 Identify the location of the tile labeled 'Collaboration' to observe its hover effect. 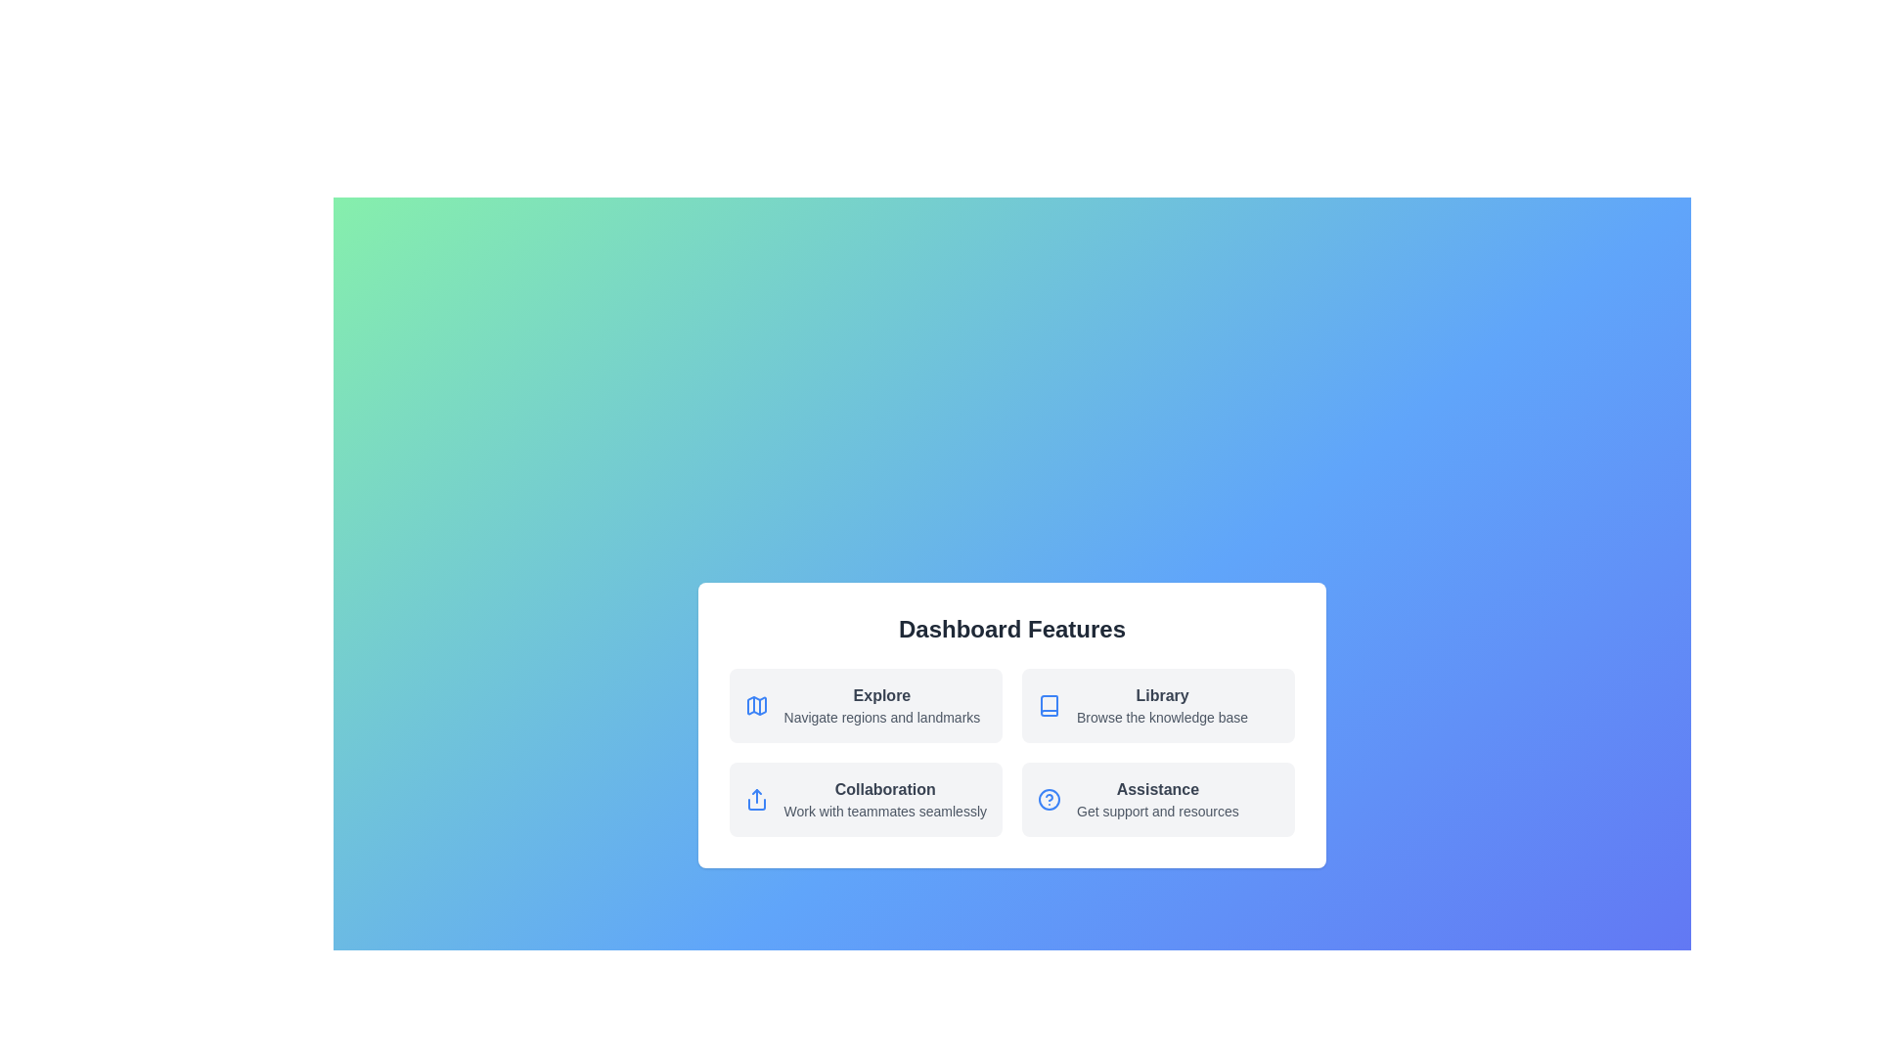
(864, 799).